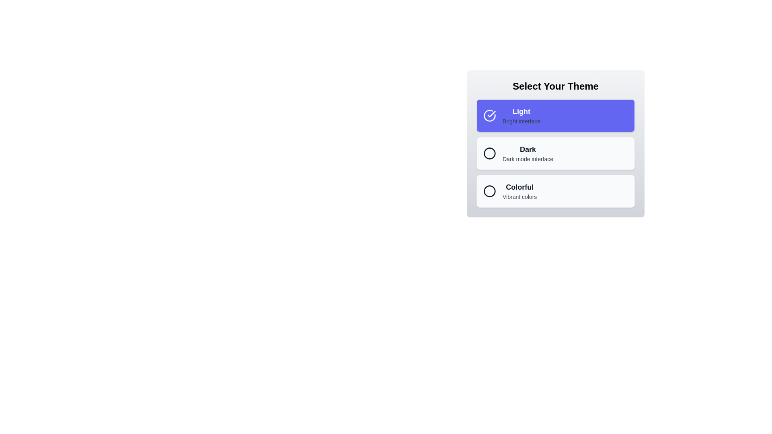 The width and height of the screenshot is (772, 434). What do you see at coordinates (555, 153) in the screenshot?
I see `the button corresponding to the theme Dark` at bounding box center [555, 153].